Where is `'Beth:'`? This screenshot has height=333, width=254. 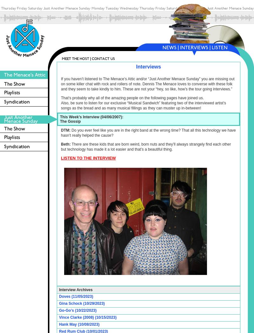 'Beth:' is located at coordinates (66, 144).